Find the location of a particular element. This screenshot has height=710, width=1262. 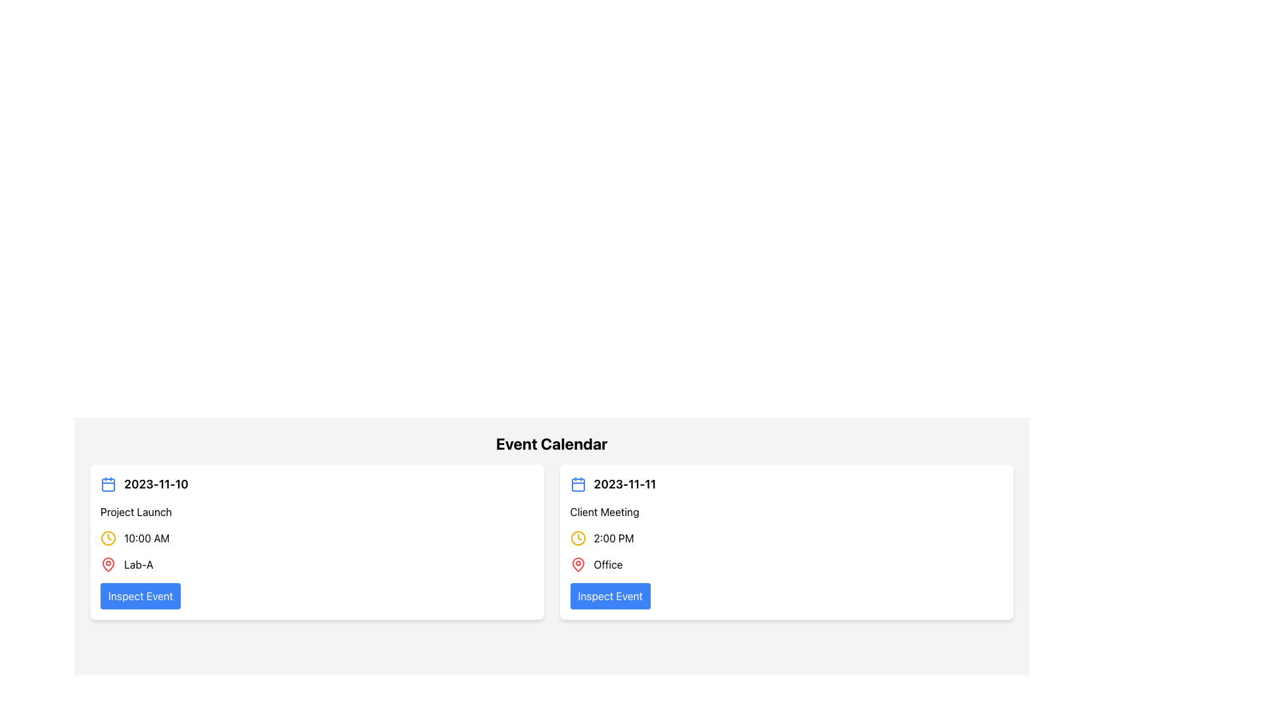

the Time display element, which features a yellow clock icon followed by the time text '10:00 AM', located within the first event card under the date and event title is located at coordinates (135, 538).